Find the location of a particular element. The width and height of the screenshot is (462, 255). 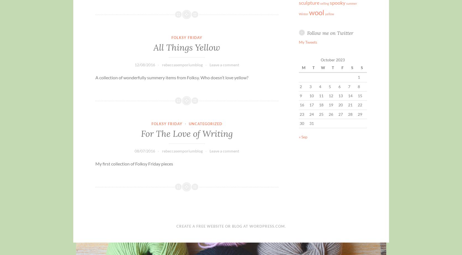

'M' is located at coordinates (303, 67).